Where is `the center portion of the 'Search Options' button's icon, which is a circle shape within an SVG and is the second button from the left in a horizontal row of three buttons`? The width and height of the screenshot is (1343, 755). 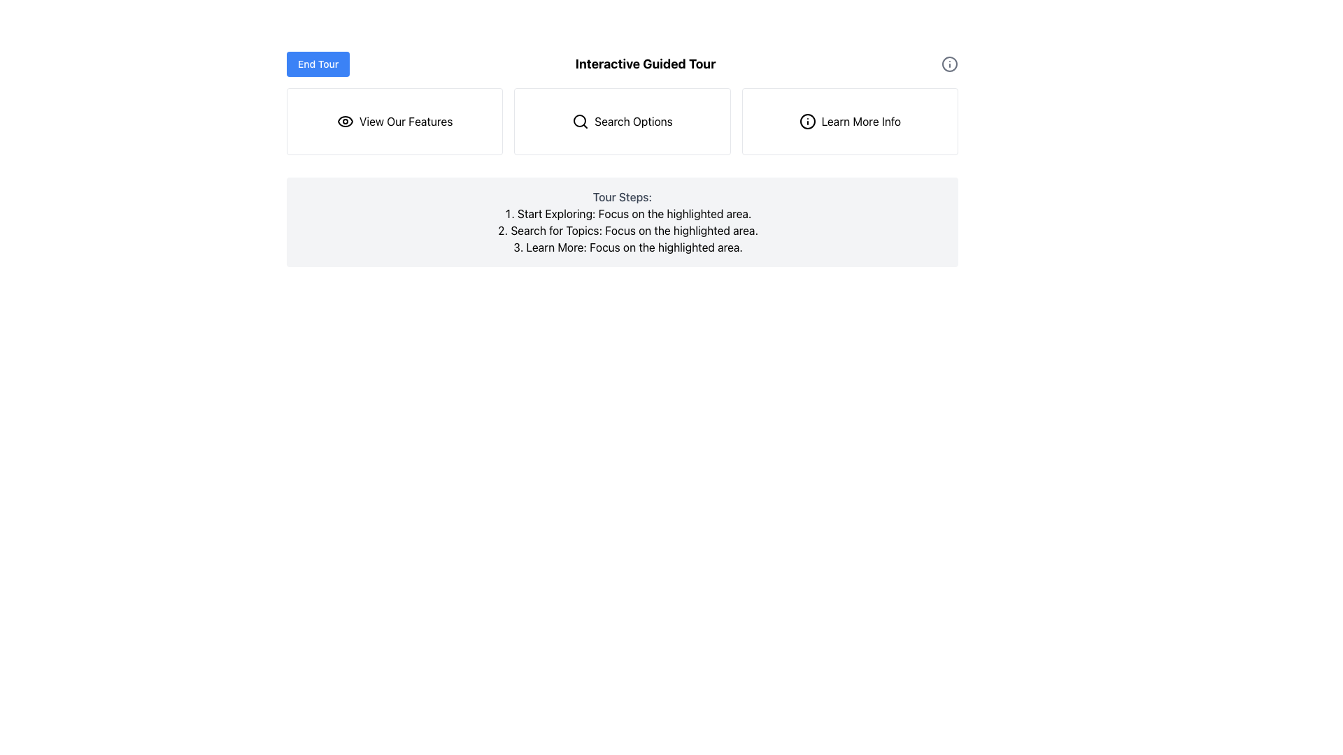 the center portion of the 'Search Options' button's icon, which is a circle shape within an SVG and is the second button from the left in a horizontal row of three buttons is located at coordinates (580, 120).